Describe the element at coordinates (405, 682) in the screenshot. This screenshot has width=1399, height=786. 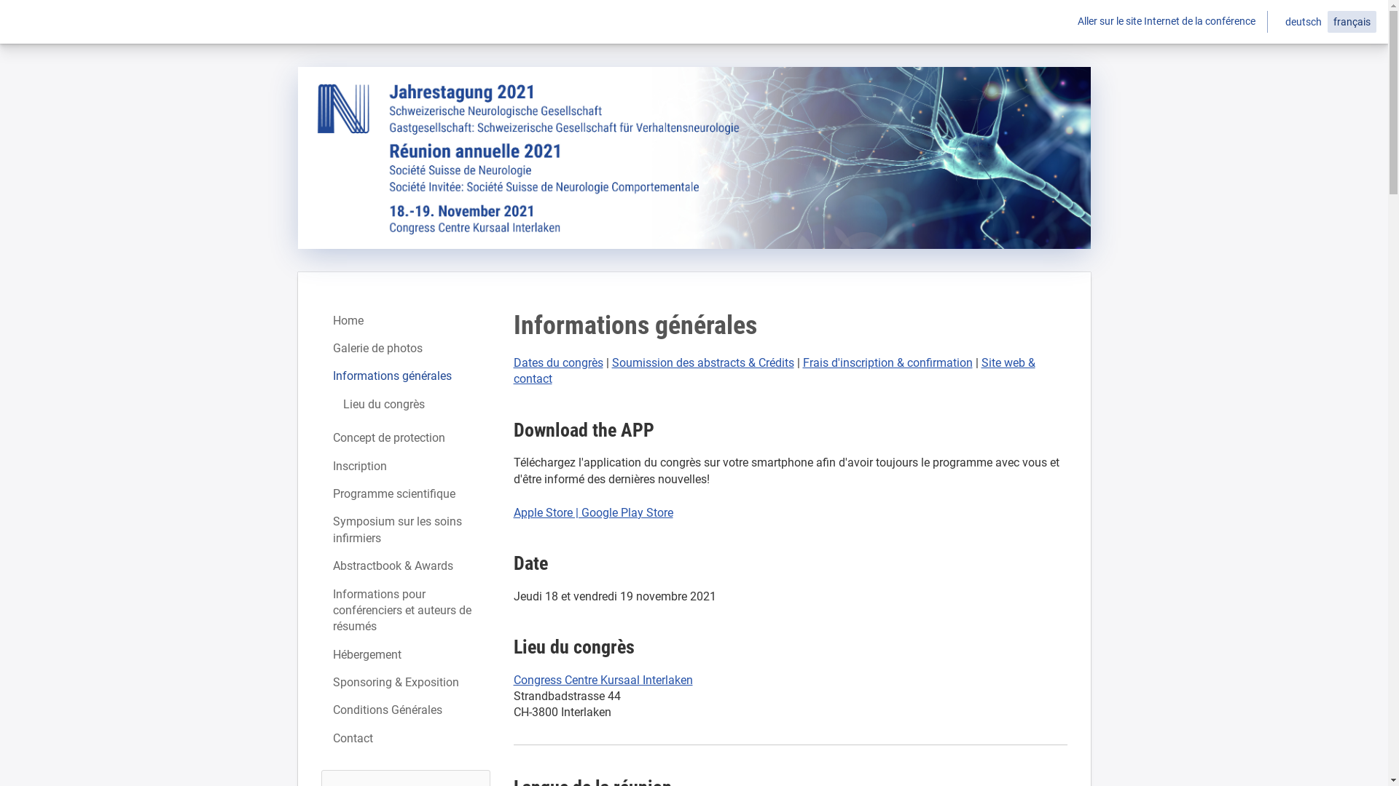
I see `'Sponsoring & Exposition'` at that location.